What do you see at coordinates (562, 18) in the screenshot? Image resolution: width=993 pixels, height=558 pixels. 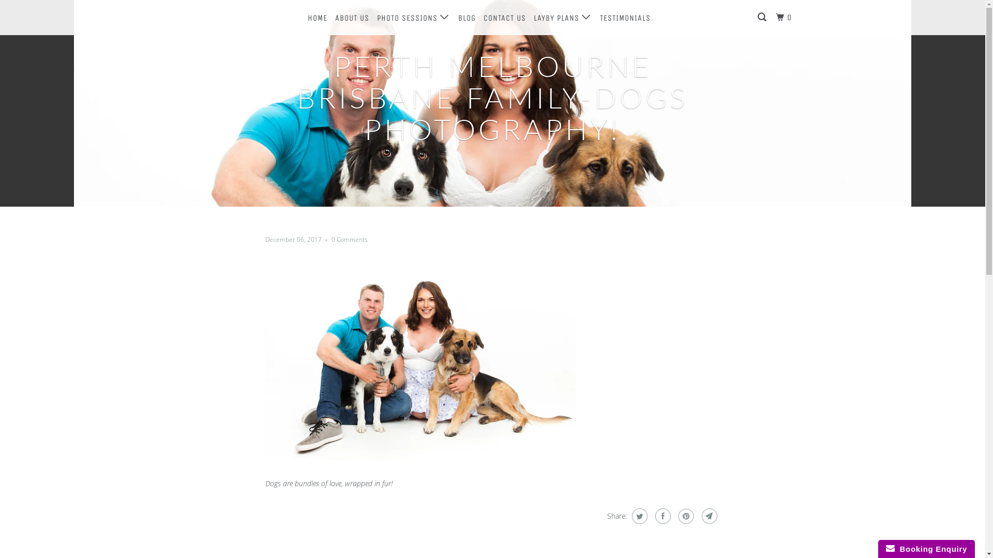 I see `'LAYBY PLANS'` at bounding box center [562, 18].